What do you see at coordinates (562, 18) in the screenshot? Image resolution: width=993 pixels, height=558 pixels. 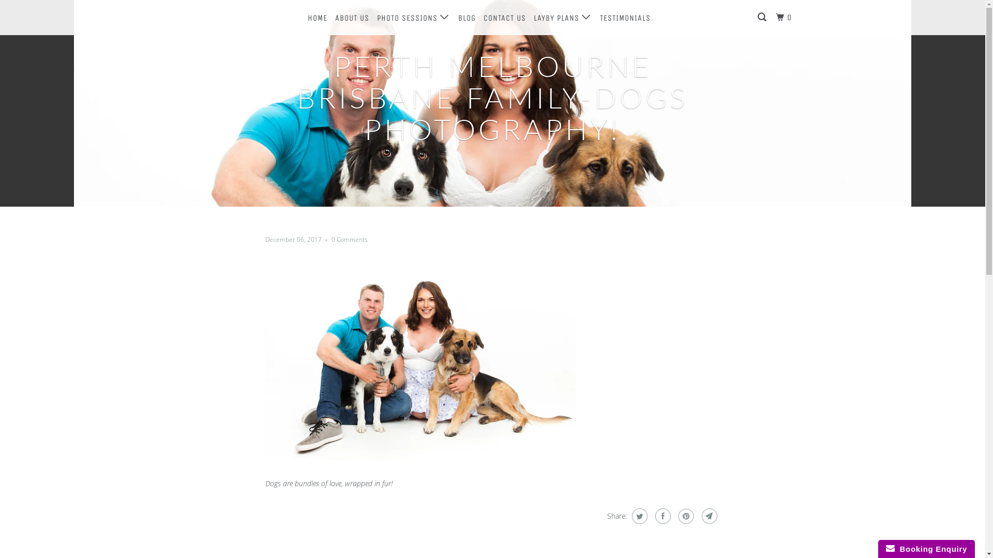 I see `'LAYBY PLANS'` at bounding box center [562, 18].